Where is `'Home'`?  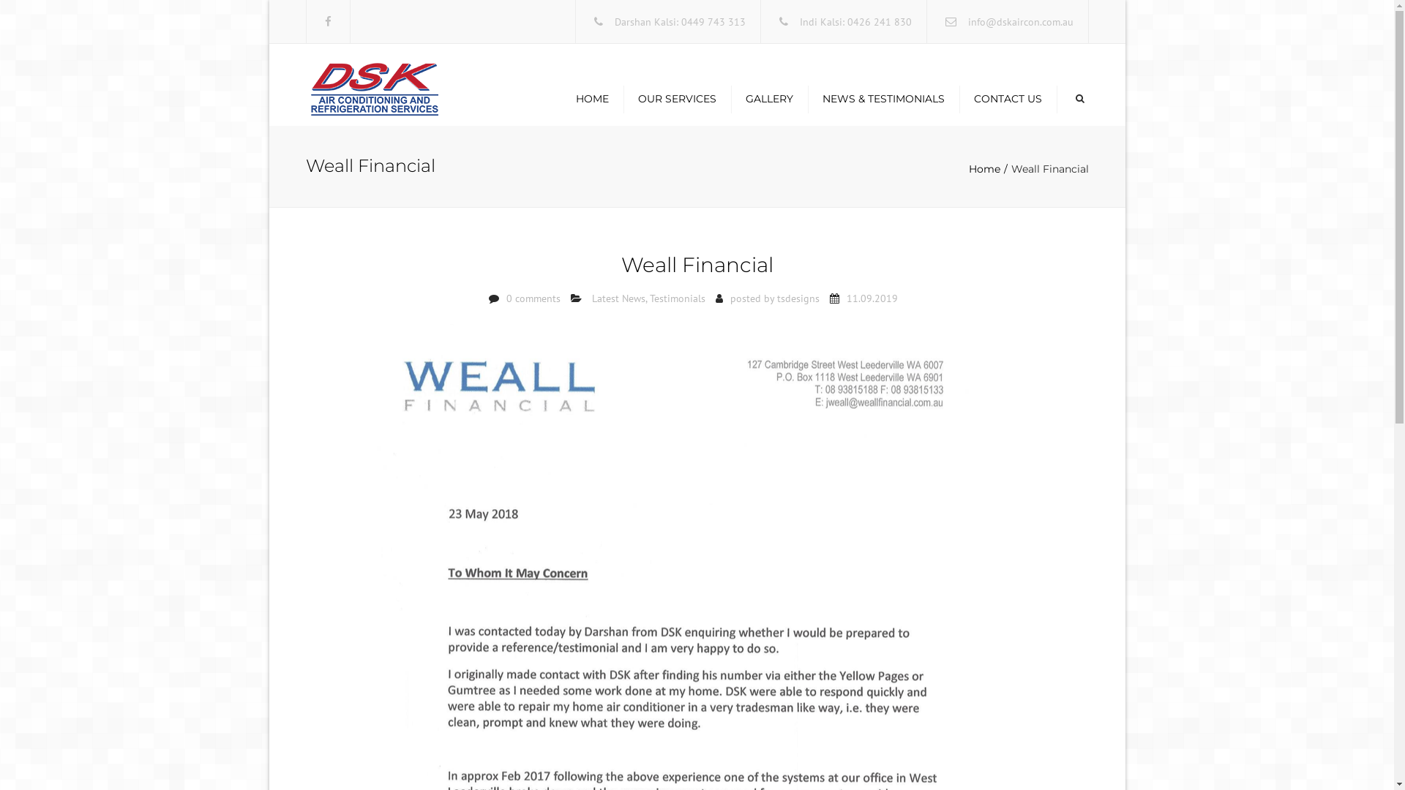 'Home' is located at coordinates (990, 168).